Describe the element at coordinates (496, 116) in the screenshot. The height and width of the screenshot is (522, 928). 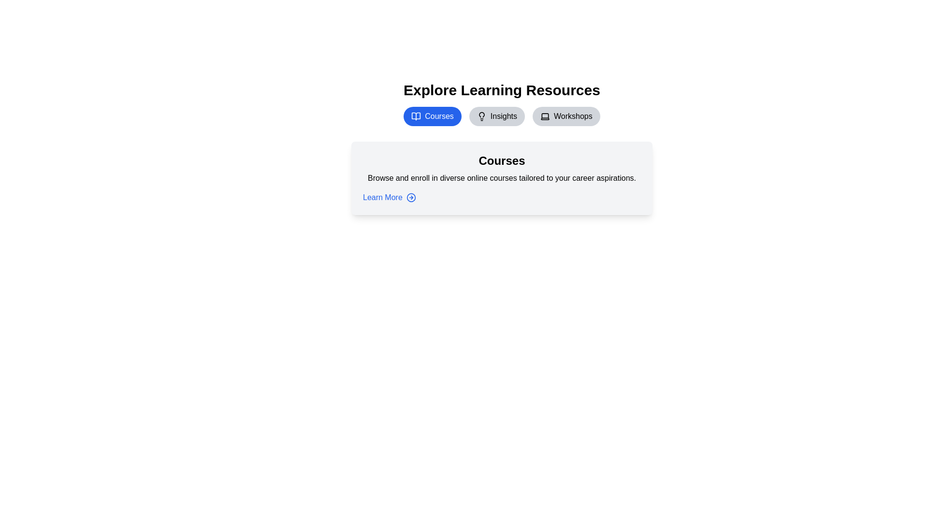
I see `the Insights tab` at that location.